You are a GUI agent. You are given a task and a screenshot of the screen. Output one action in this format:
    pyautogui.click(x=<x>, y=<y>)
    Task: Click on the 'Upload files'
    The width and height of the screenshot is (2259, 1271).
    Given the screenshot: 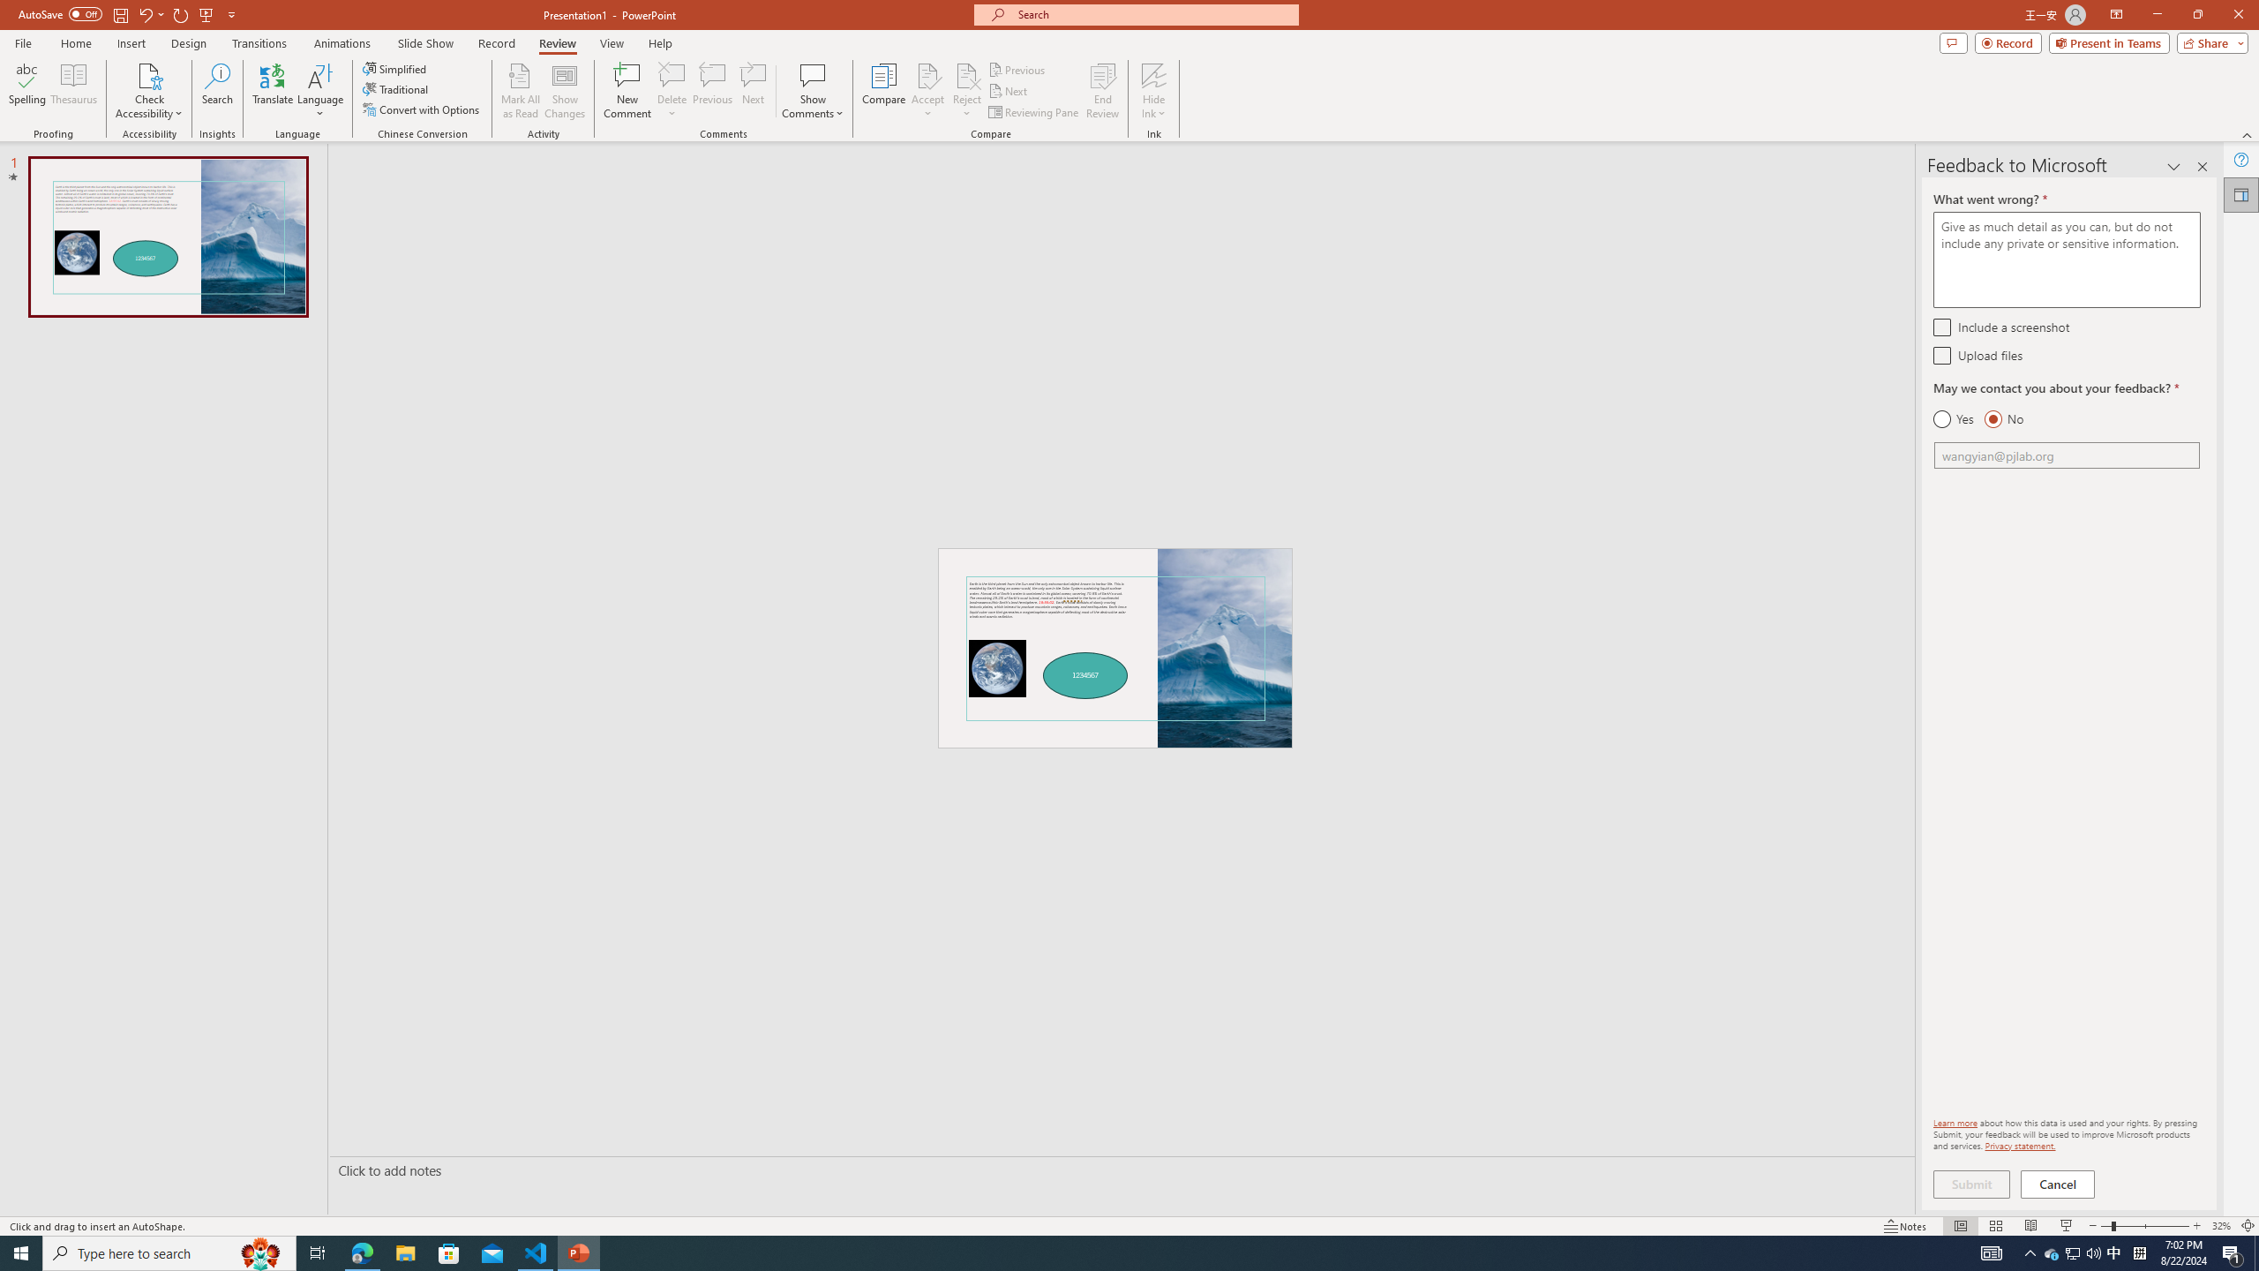 What is the action you would take?
    pyautogui.click(x=1941, y=355)
    